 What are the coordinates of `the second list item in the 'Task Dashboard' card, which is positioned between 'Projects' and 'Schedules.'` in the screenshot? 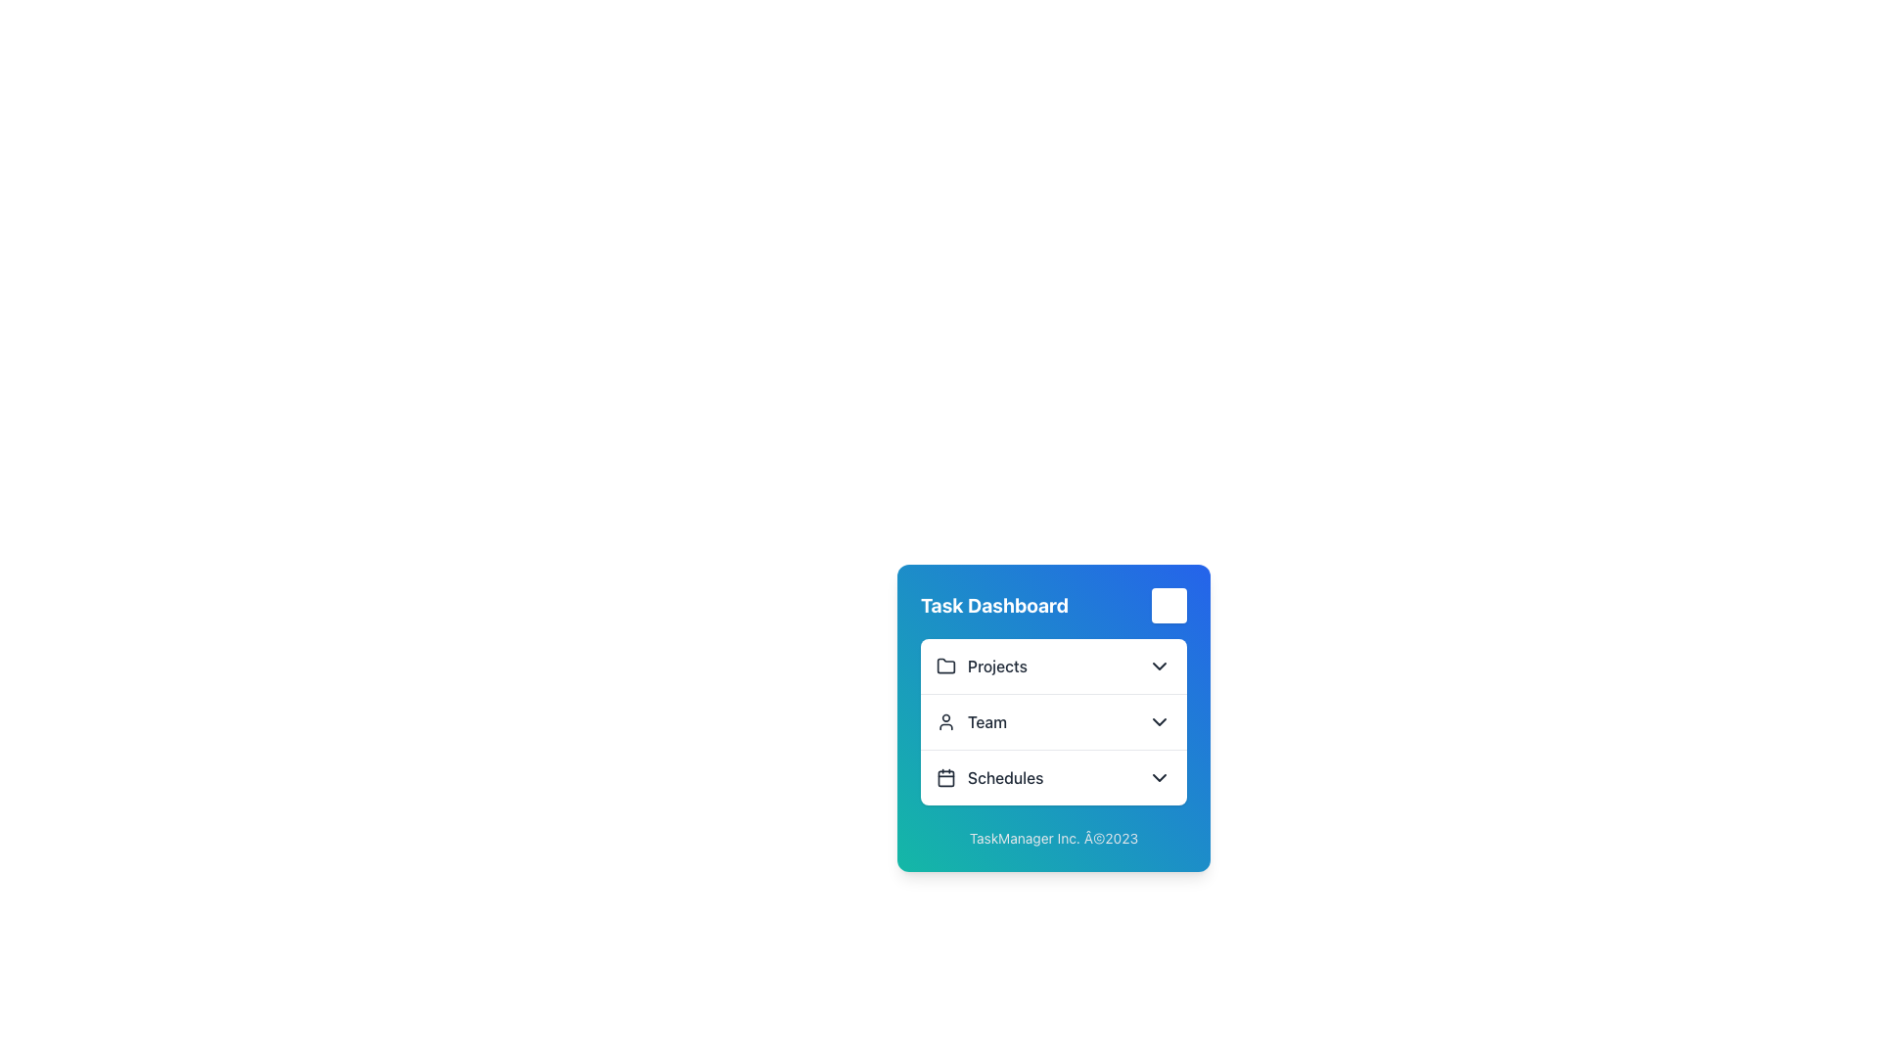 It's located at (1052, 721).